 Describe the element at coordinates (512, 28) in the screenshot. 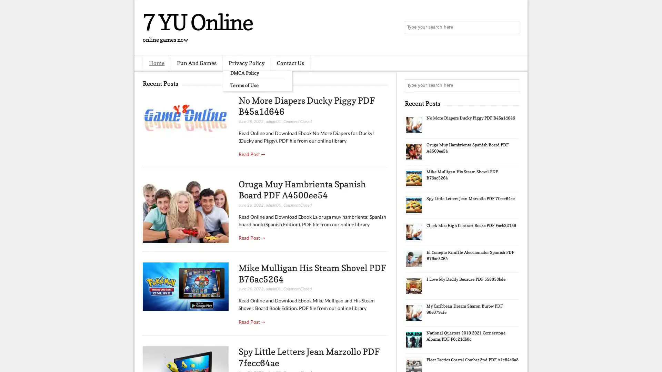

I see `Search` at that location.